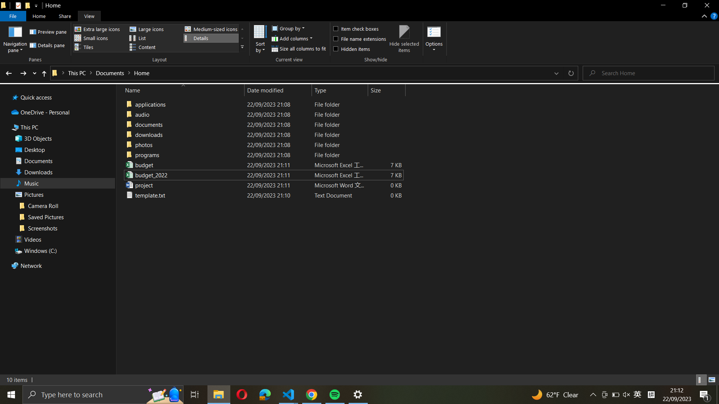 The image size is (719, 404). I want to click on Directly navigate to the Desktop folder from the side panel, so click(58, 150).